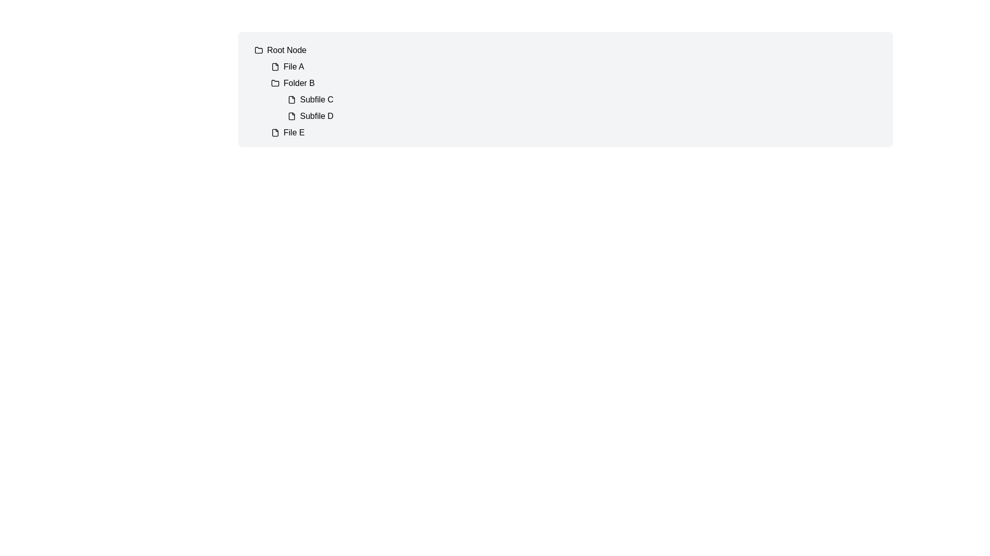 This screenshot has height=556, width=990. I want to click on the icon representing 'Subfile C' located under 'Folder B' in the tree structure, so click(291, 99).